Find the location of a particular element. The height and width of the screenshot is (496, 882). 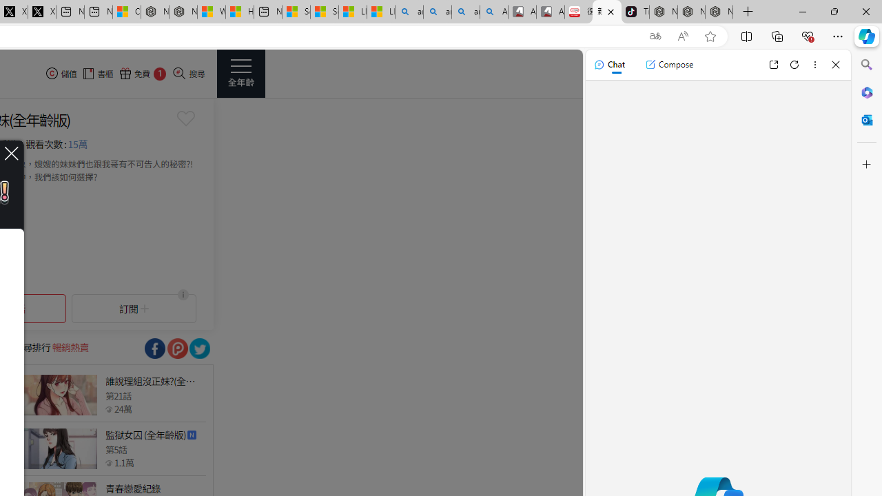

'Class: socialShare' is located at coordinates (198, 348).